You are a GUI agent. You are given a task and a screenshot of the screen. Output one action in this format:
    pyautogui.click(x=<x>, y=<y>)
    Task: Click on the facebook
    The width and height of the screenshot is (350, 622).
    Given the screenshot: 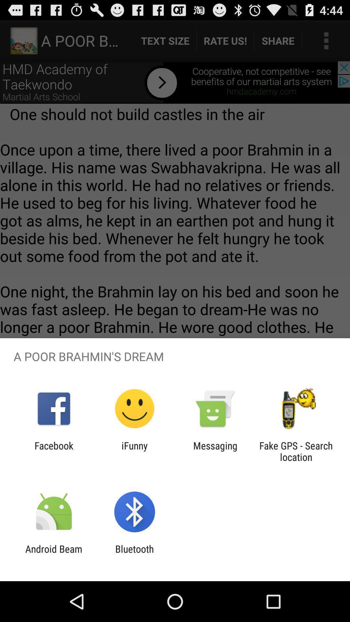 What is the action you would take?
    pyautogui.click(x=53, y=451)
    